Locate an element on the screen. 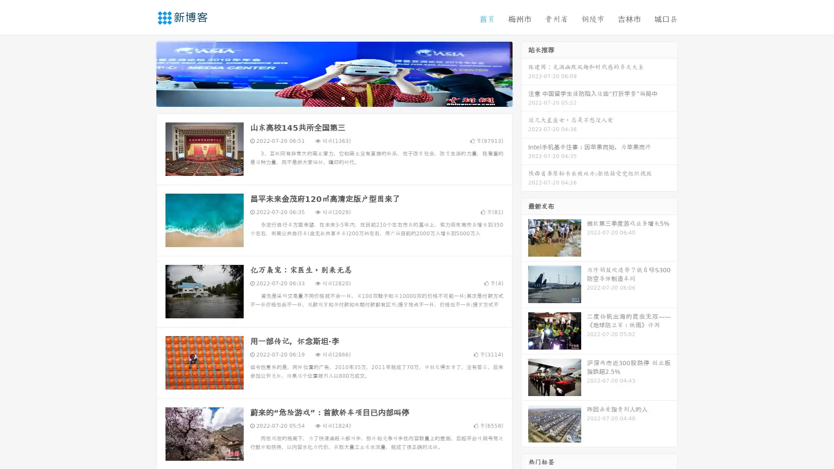 The height and width of the screenshot is (469, 834). Go to slide 3 is located at coordinates (343, 98).